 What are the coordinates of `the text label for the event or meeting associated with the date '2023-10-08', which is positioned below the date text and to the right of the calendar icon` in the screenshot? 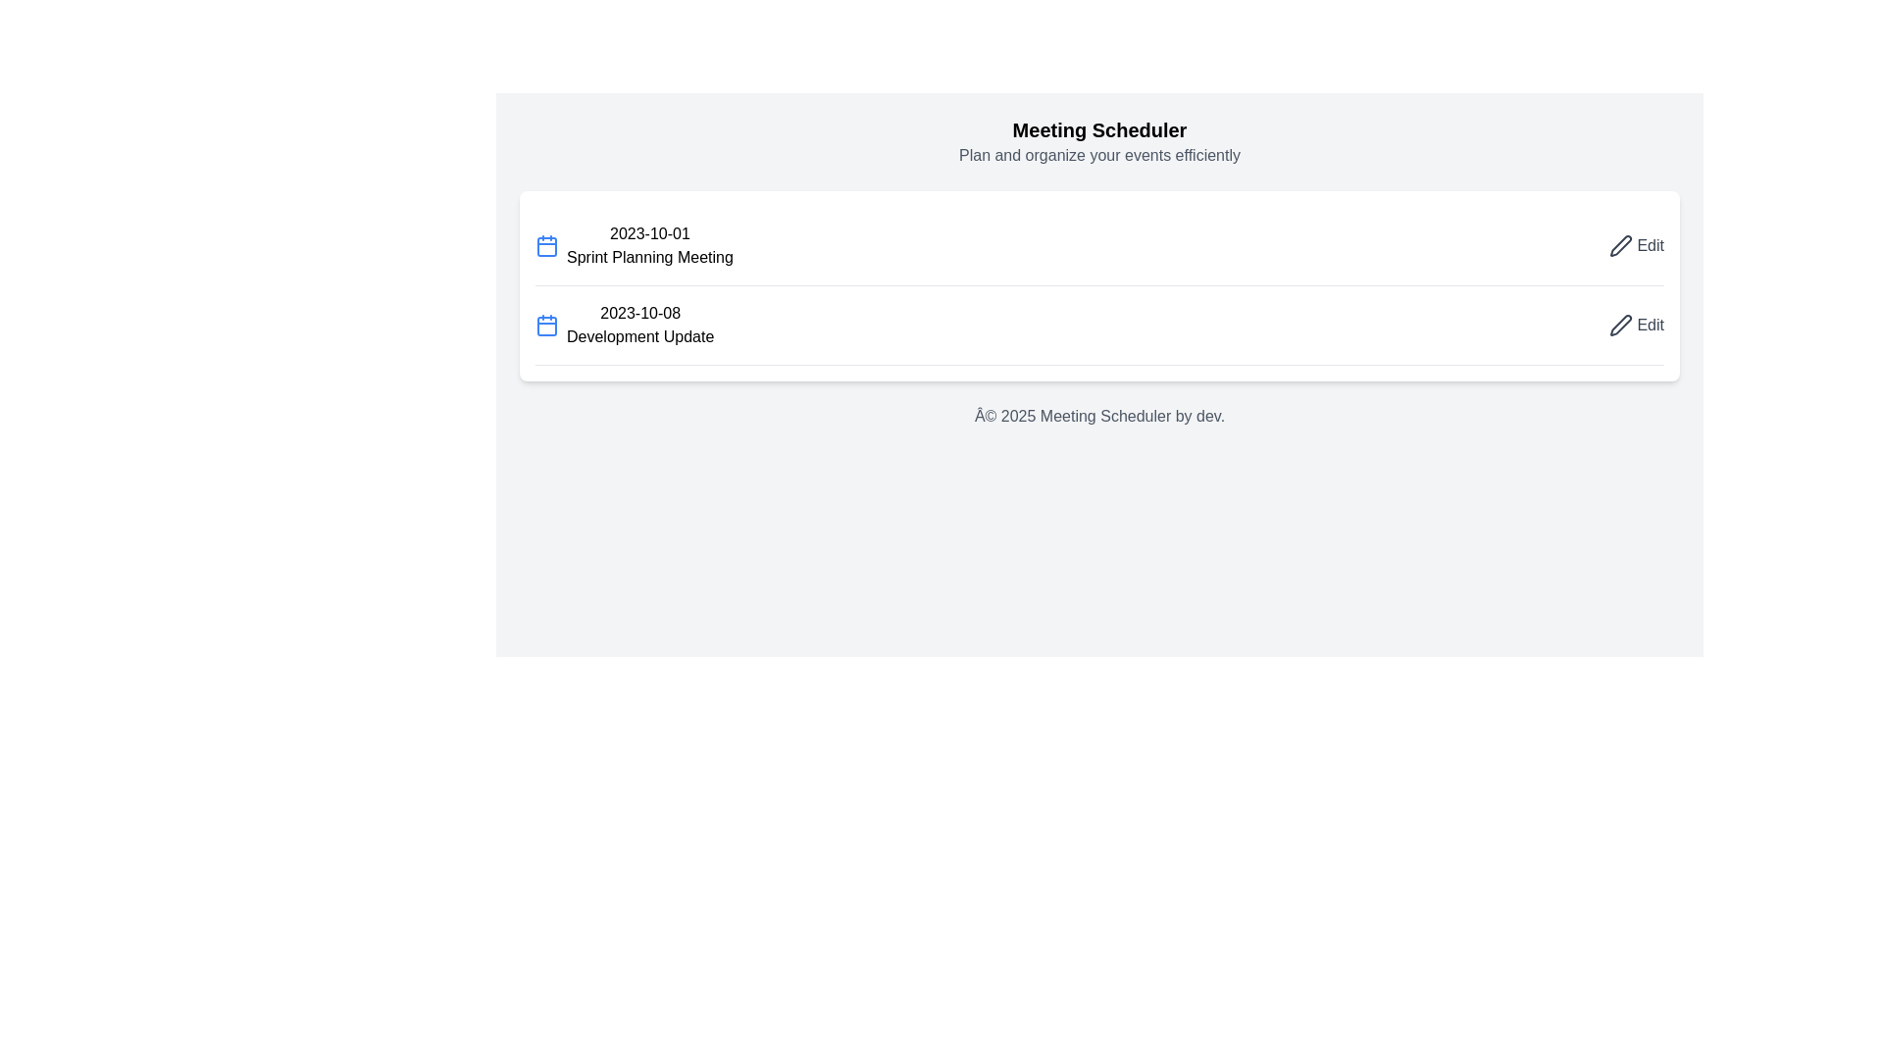 It's located at (640, 335).